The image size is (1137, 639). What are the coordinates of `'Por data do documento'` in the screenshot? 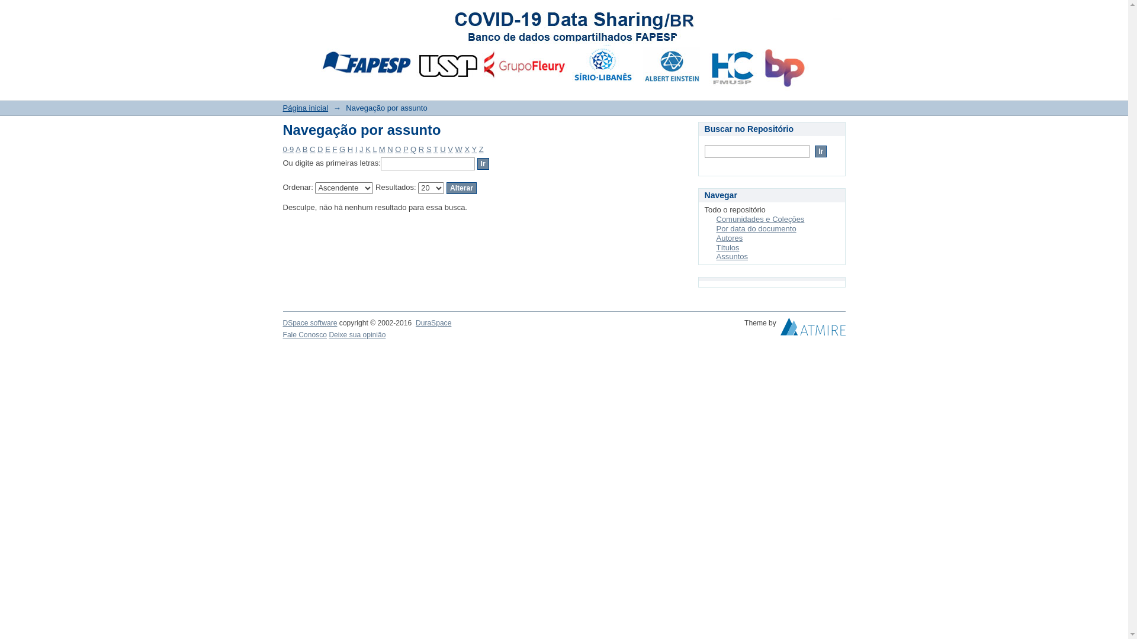 It's located at (715, 228).